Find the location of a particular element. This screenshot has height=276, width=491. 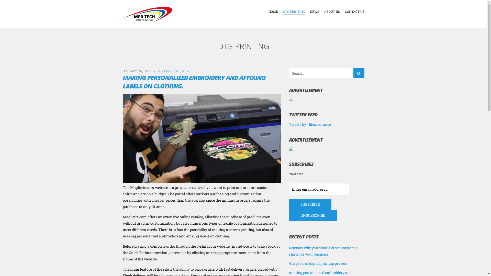

'Subscribe' is located at coordinates (310, 204).